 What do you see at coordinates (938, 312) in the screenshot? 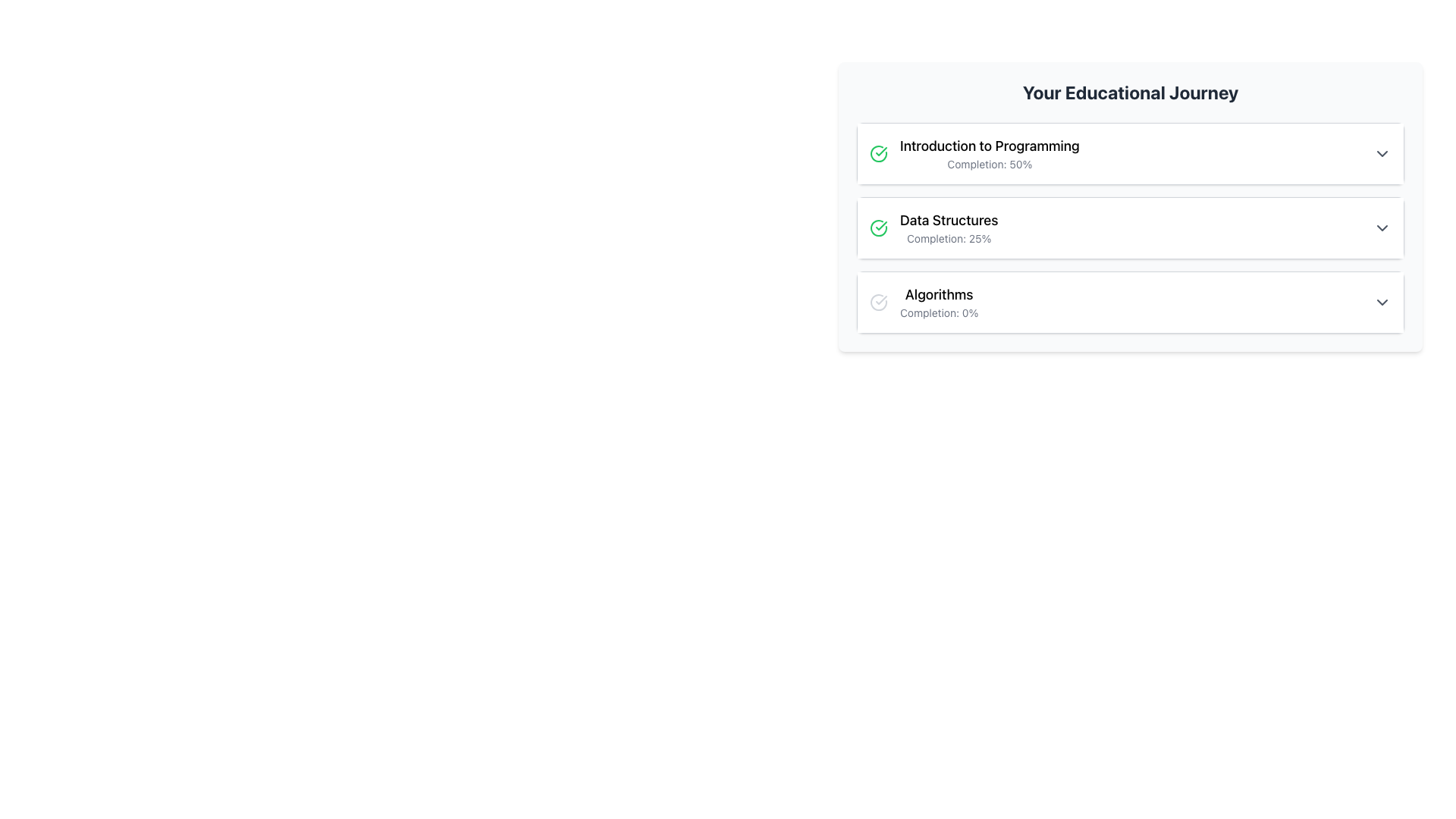
I see `information displayed in the text label that shows 'Completion: 0%', which is styled in small, light gray text below the 'Algorithms' label` at bounding box center [938, 312].